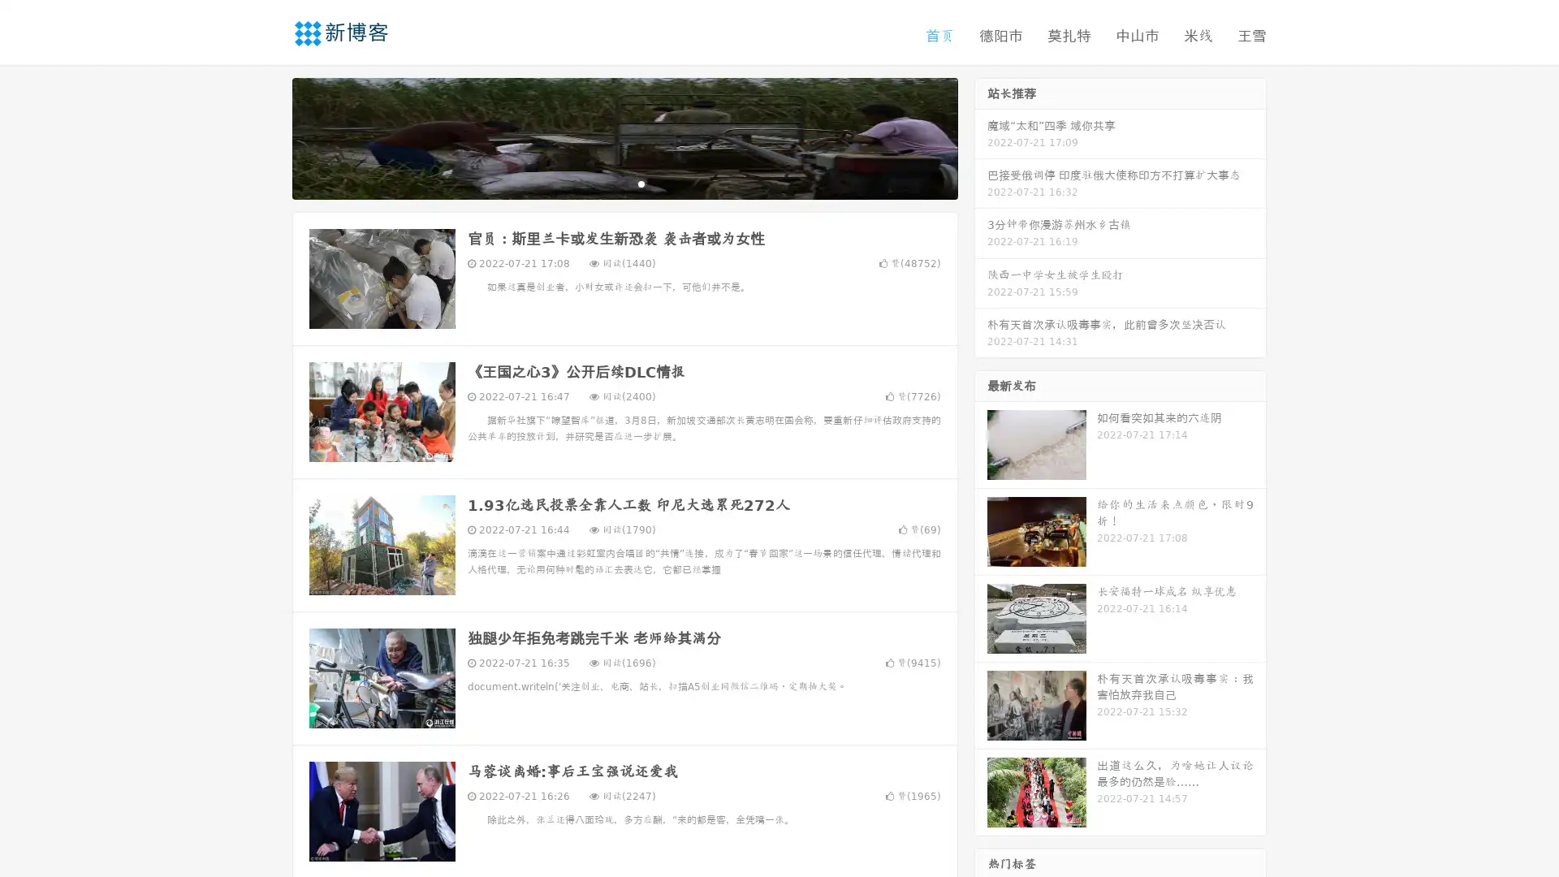 The height and width of the screenshot is (877, 1559). I want to click on Next slide, so click(981, 136).